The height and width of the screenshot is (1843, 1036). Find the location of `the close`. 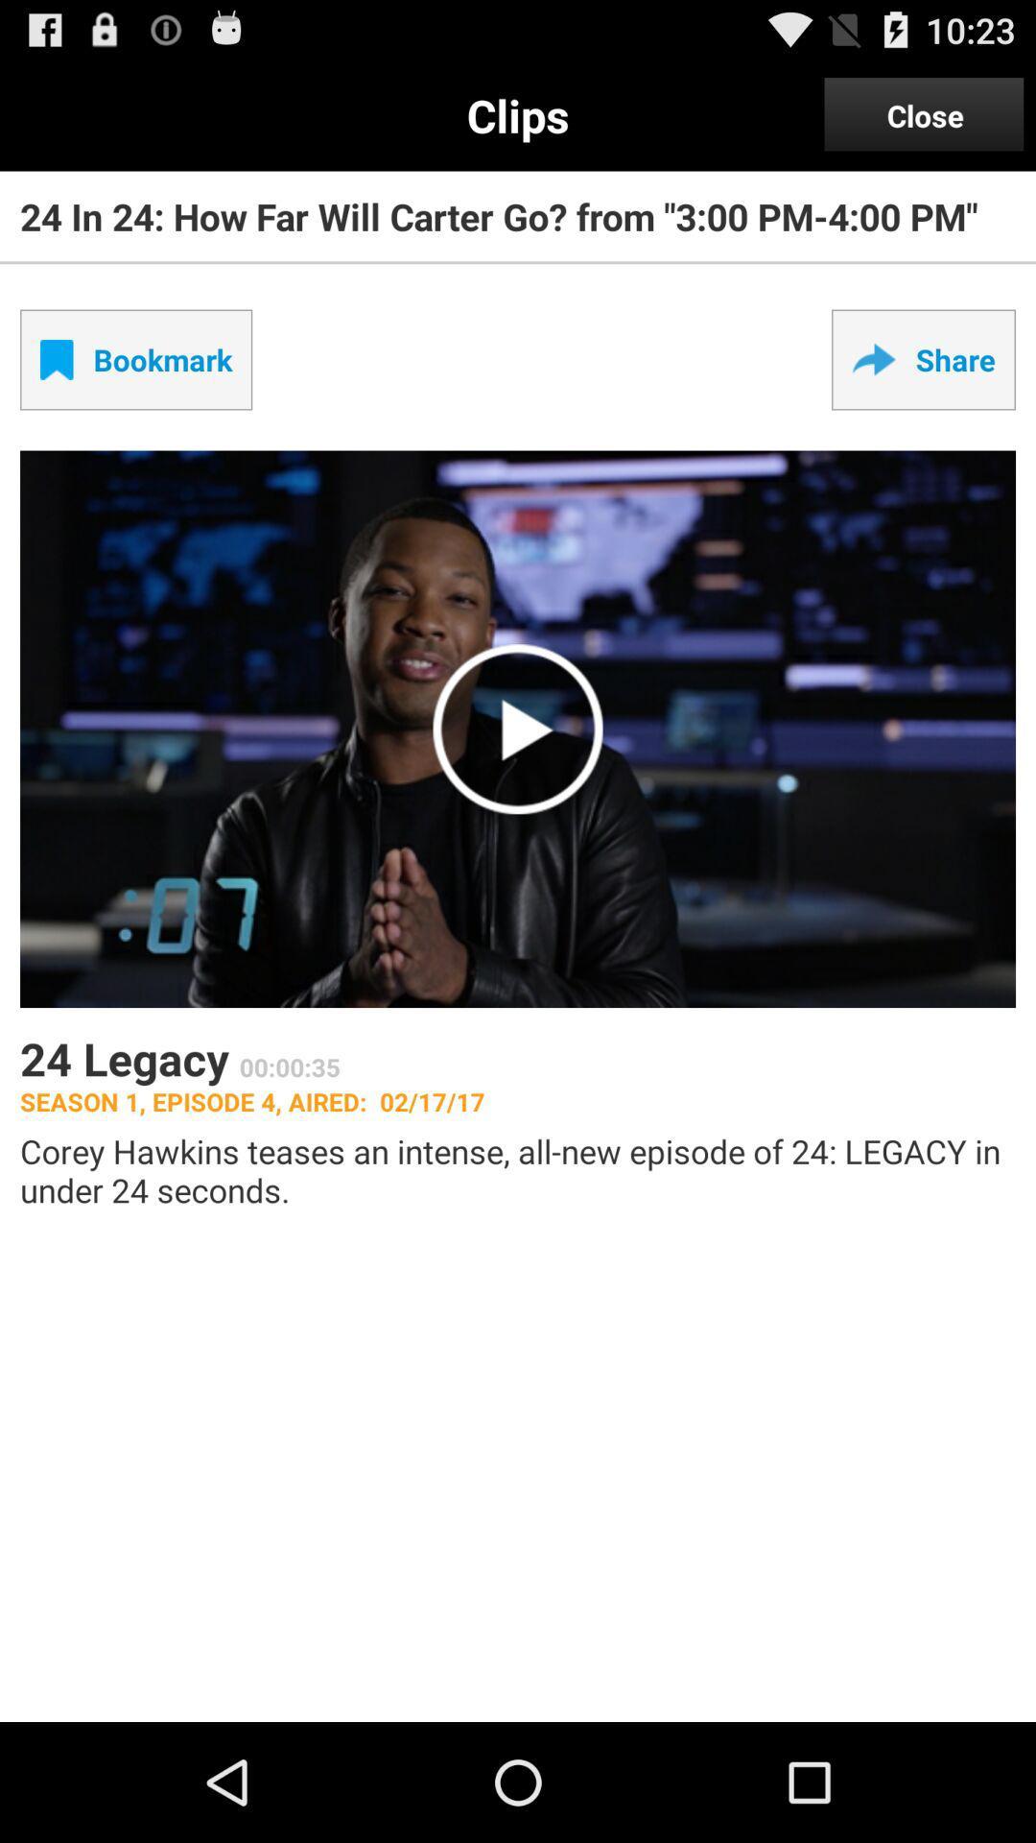

the close is located at coordinates (924, 114).